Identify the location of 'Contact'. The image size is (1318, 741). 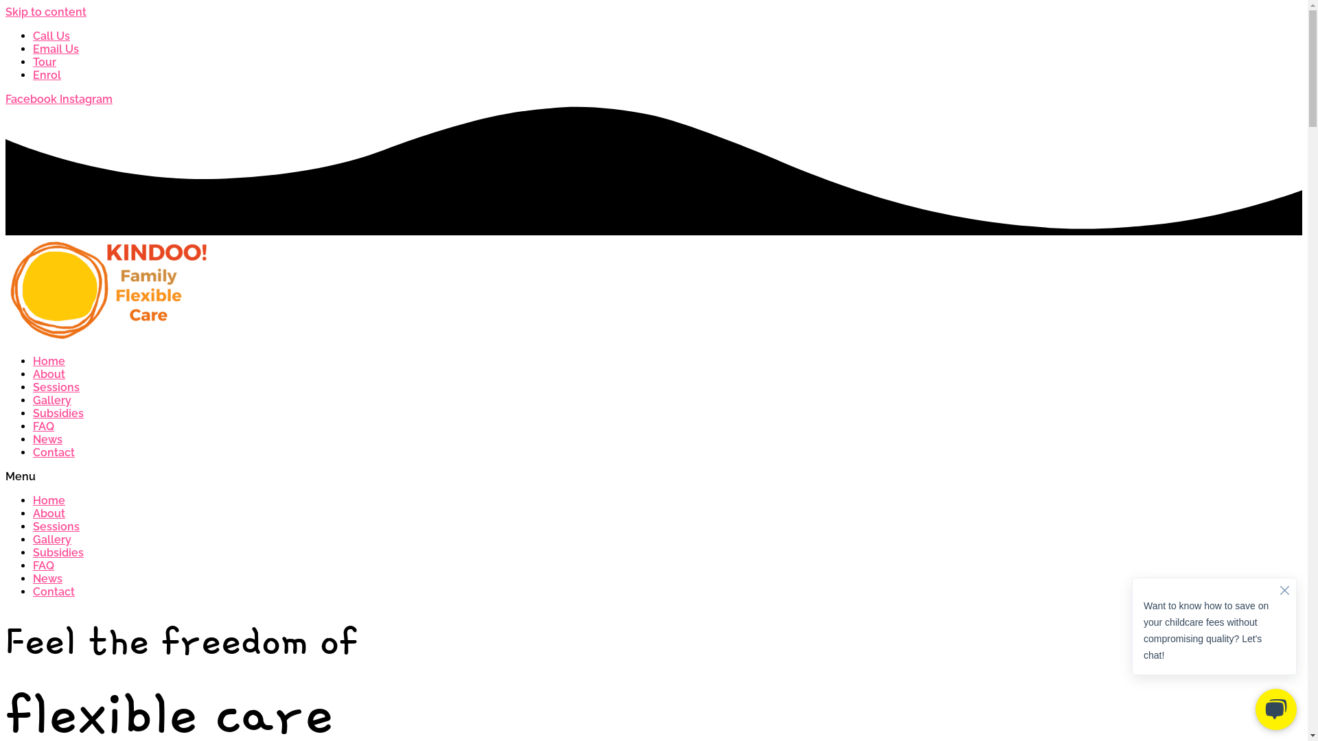
(54, 591).